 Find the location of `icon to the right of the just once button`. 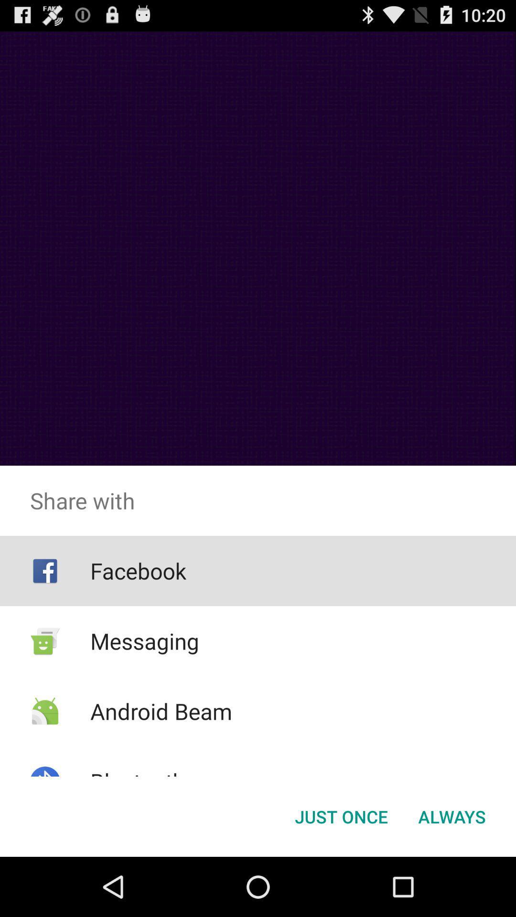

icon to the right of the just once button is located at coordinates (451, 816).